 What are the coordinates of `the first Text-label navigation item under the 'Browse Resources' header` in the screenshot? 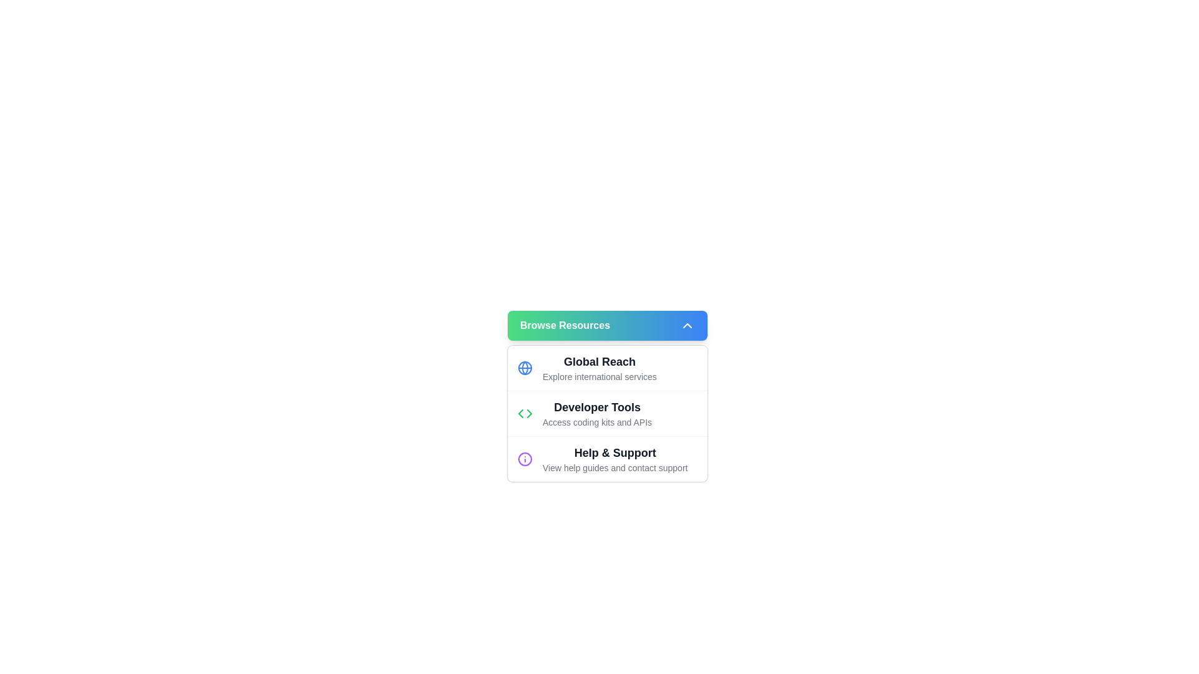 It's located at (599, 368).